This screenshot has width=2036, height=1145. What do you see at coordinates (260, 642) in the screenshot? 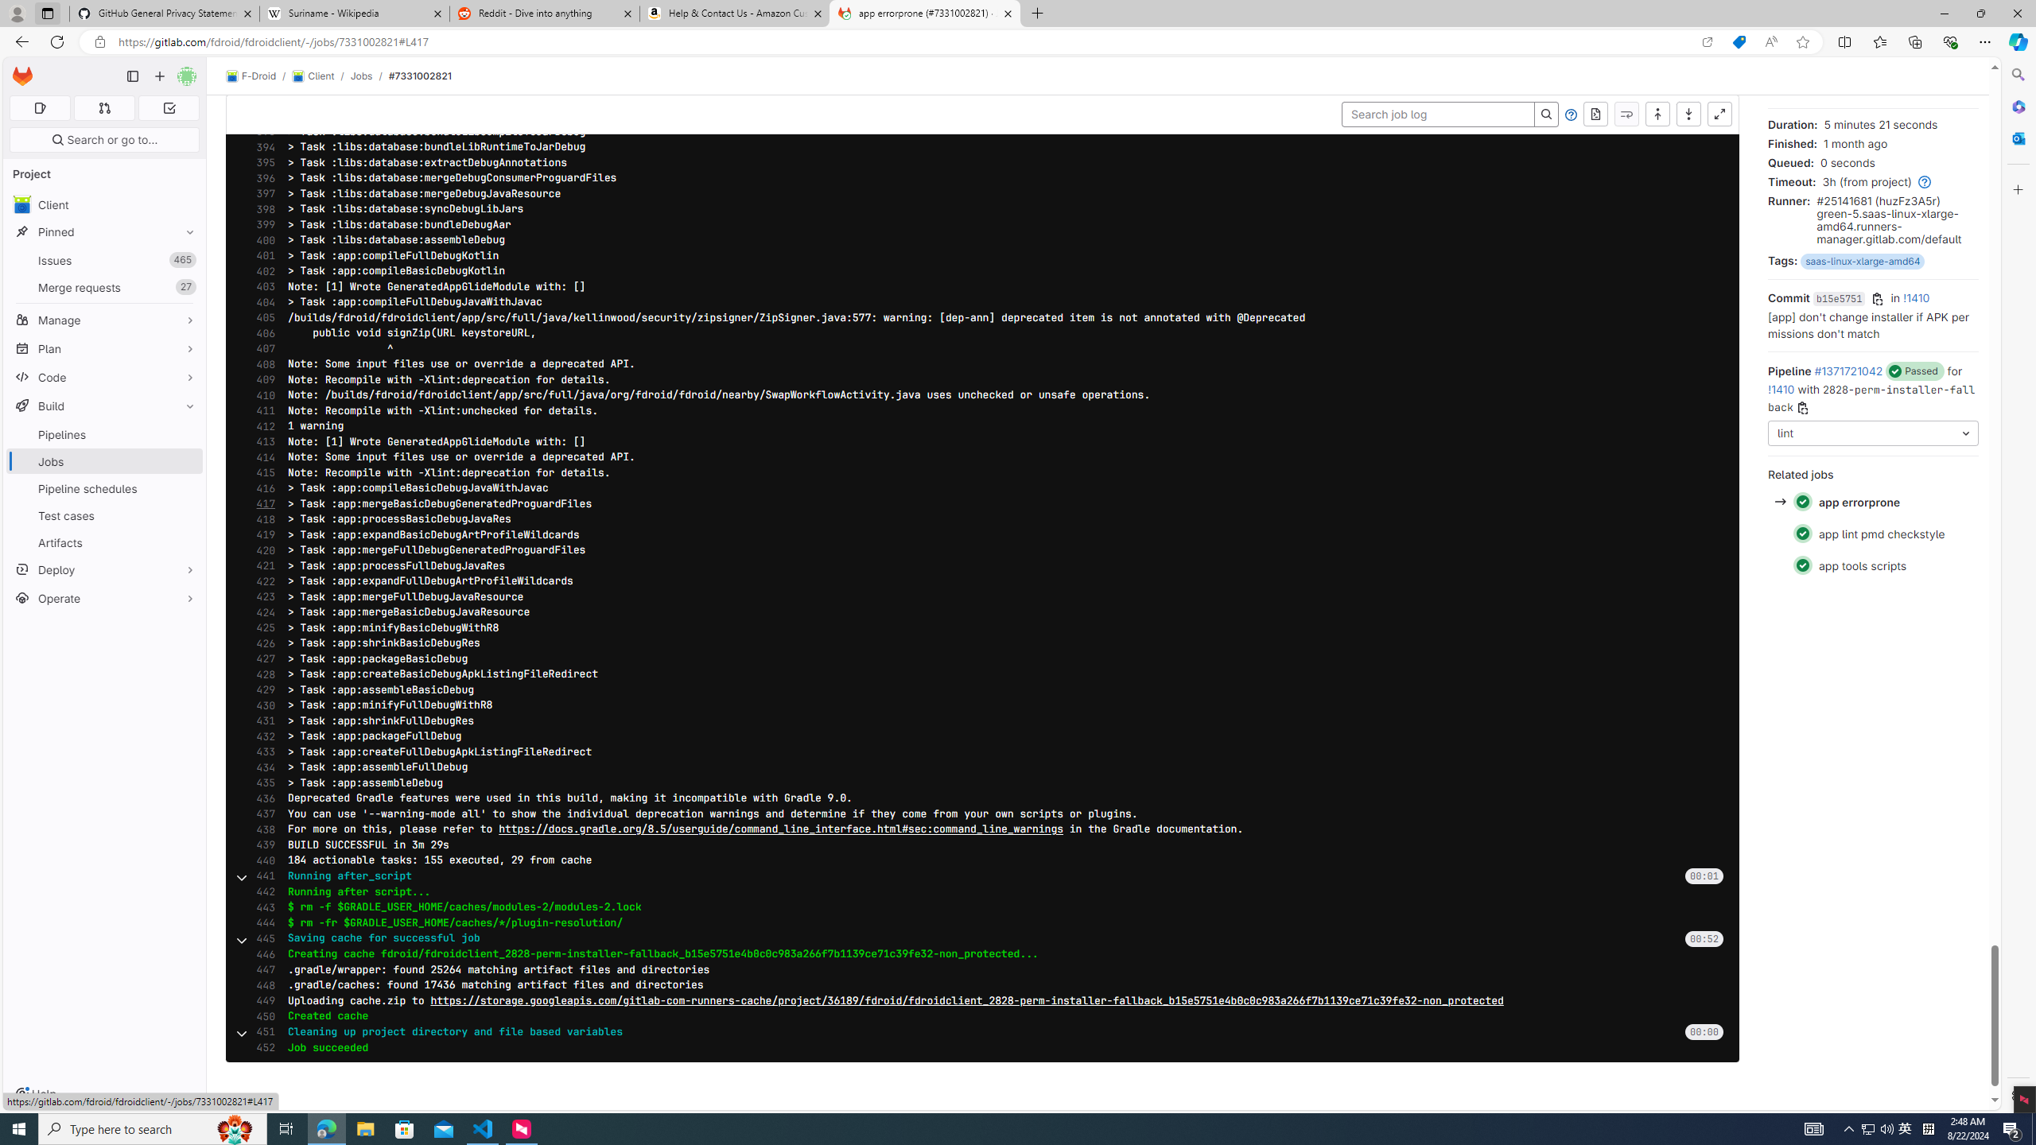
I see `'426'` at bounding box center [260, 642].